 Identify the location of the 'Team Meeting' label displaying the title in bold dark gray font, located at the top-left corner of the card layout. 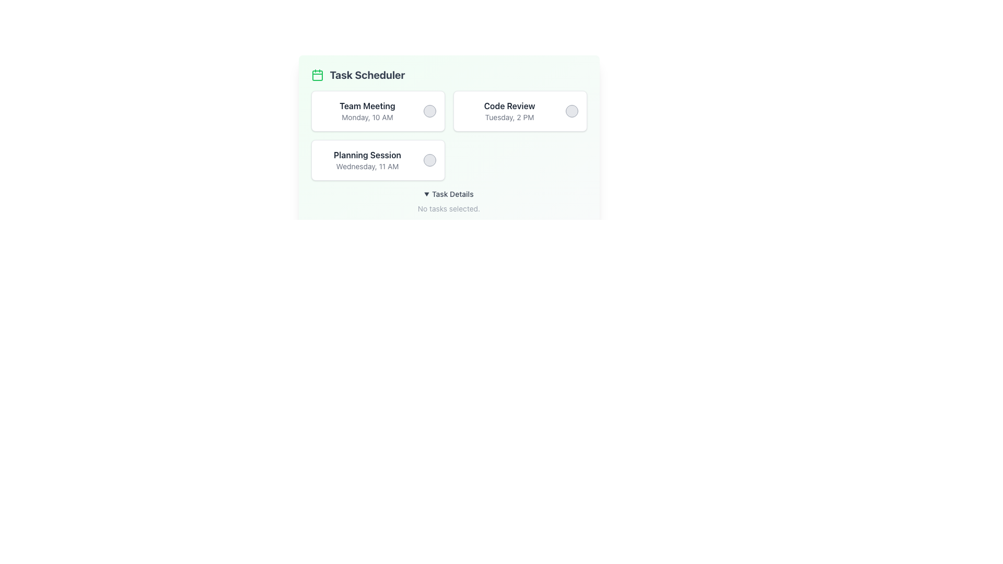
(367, 111).